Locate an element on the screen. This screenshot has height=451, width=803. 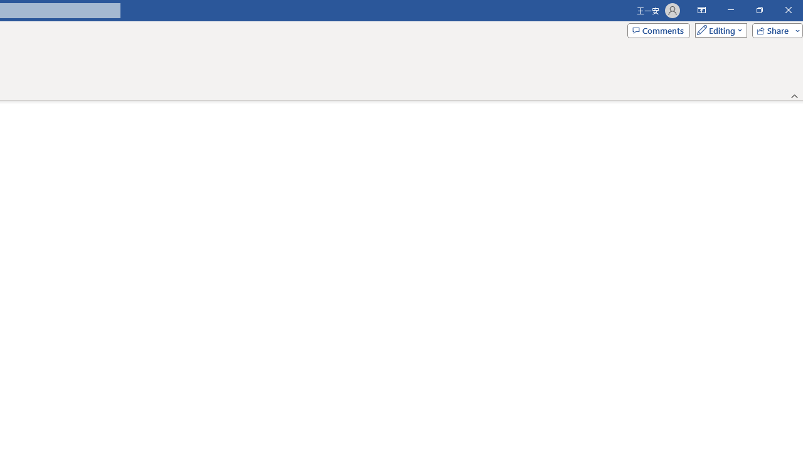
'Comments' is located at coordinates (657, 29).